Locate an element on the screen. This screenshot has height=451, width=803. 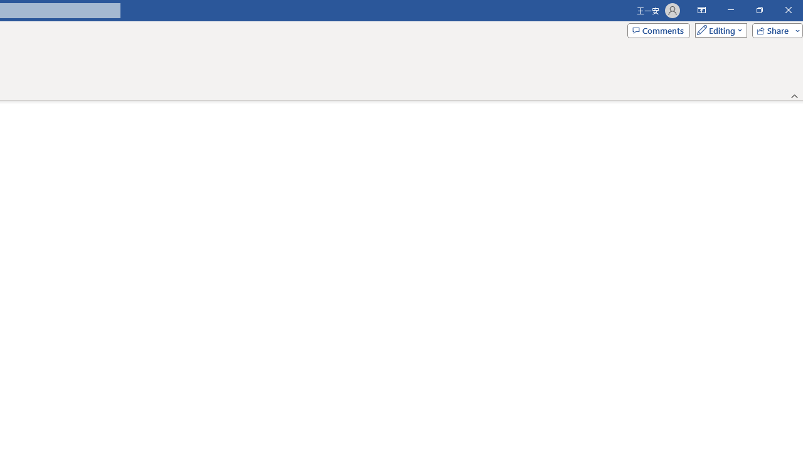
'Comments' is located at coordinates (657, 29).